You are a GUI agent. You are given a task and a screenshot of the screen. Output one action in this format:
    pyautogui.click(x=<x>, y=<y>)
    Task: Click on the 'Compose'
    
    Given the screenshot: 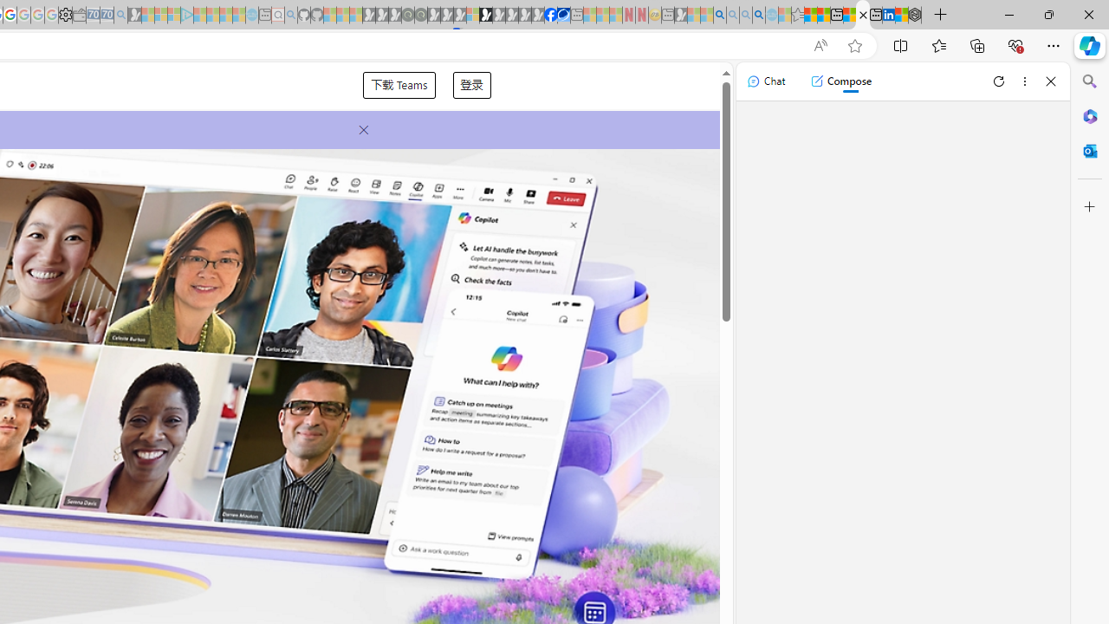 What is the action you would take?
    pyautogui.click(x=840, y=81)
    